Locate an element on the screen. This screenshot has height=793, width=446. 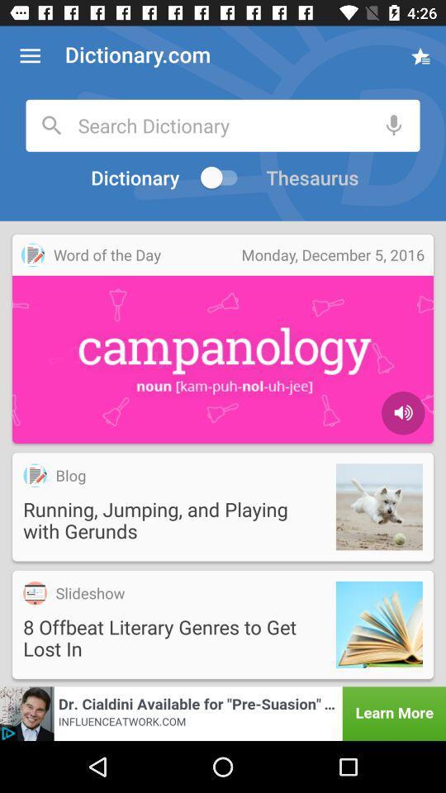
the icon left to the text search dictionary is located at coordinates (52, 125).